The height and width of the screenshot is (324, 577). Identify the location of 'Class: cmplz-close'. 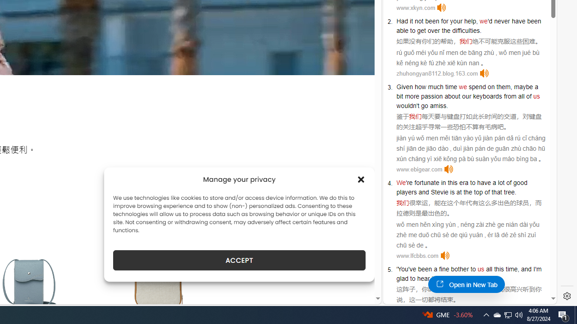
(361, 179).